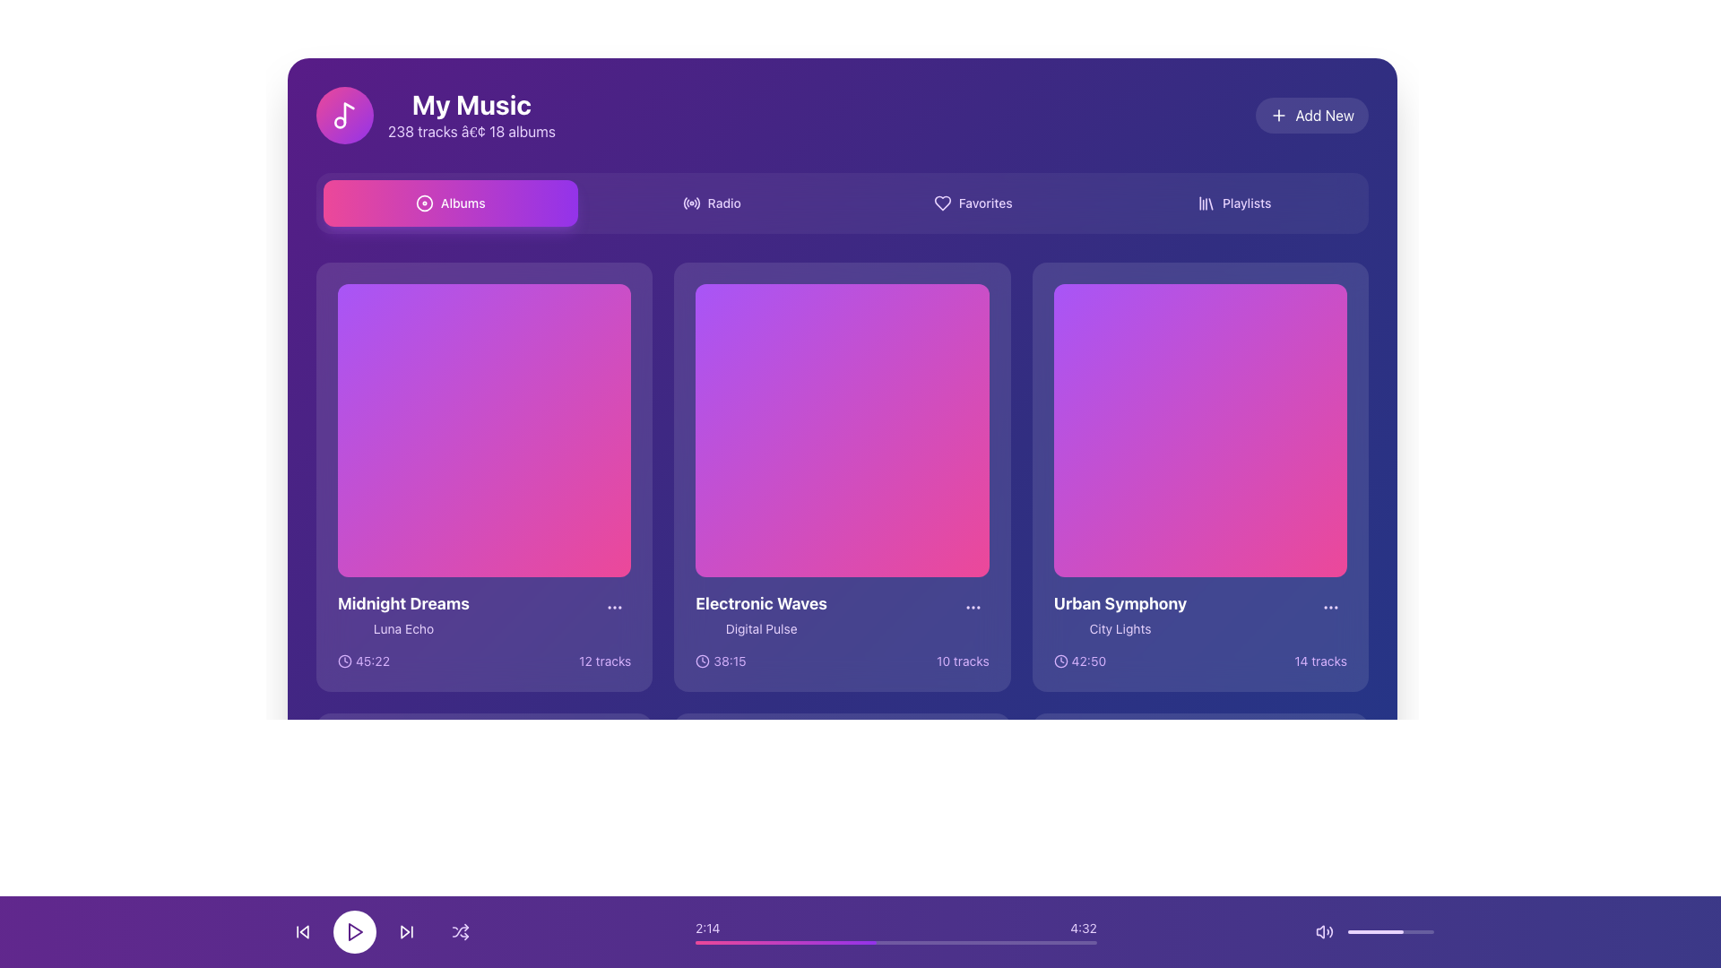 This screenshot has width=1721, height=968. Describe the element at coordinates (381, 931) in the screenshot. I see `the play/pause button located at the bottom-center of the interface to play or pause the media content` at that location.